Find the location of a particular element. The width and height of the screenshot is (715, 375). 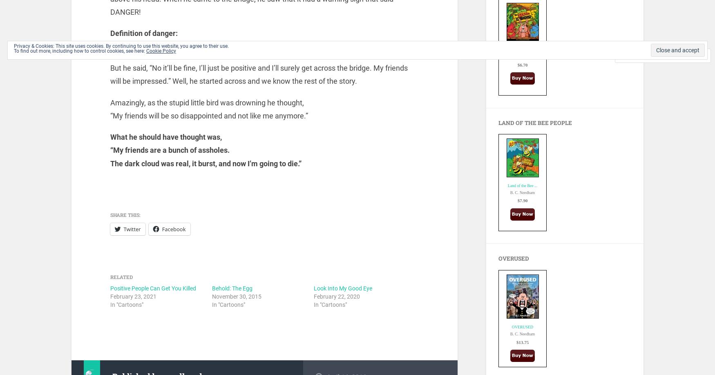

'Land of the Bee People' is located at coordinates (535, 122).